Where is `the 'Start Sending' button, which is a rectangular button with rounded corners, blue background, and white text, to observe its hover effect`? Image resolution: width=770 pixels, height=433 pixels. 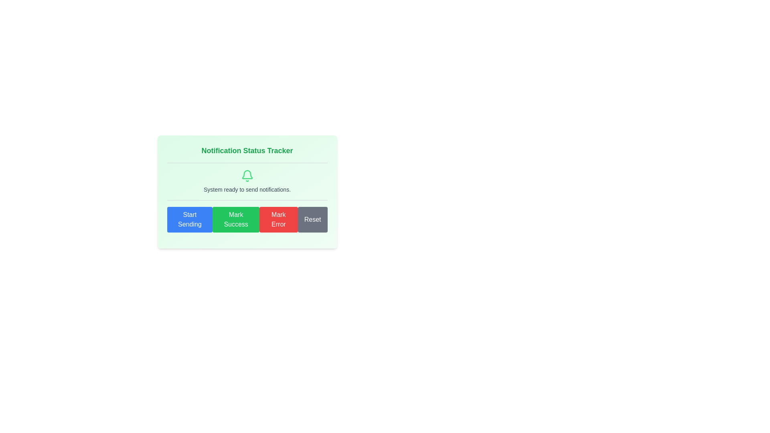 the 'Start Sending' button, which is a rectangular button with rounded corners, blue background, and white text, to observe its hover effect is located at coordinates (189, 219).